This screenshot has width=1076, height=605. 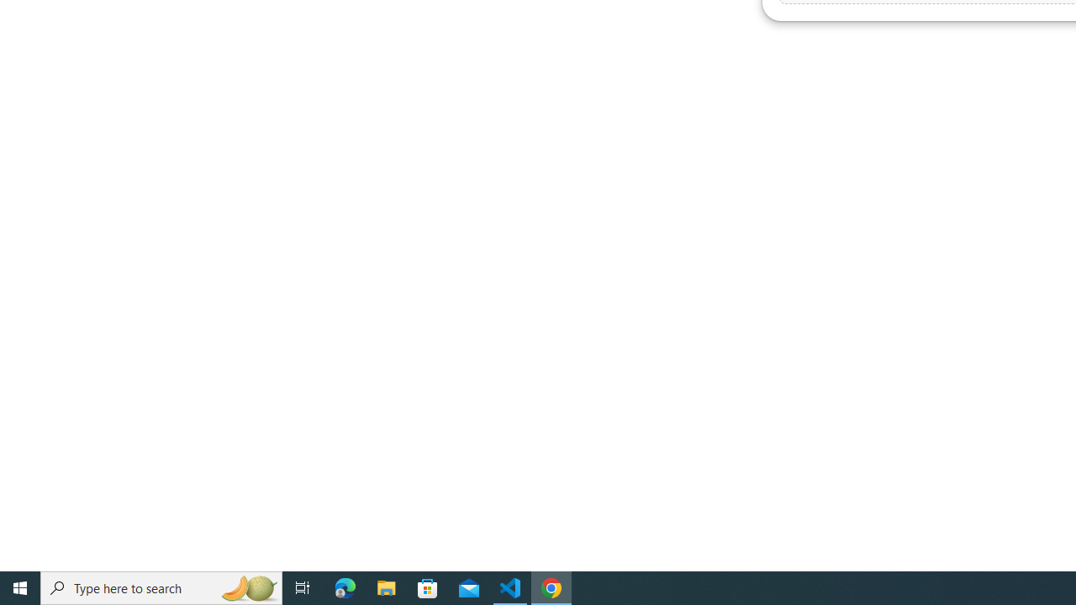 What do you see at coordinates (302, 587) in the screenshot?
I see `'Task View'` at bounding box center [302, 587].